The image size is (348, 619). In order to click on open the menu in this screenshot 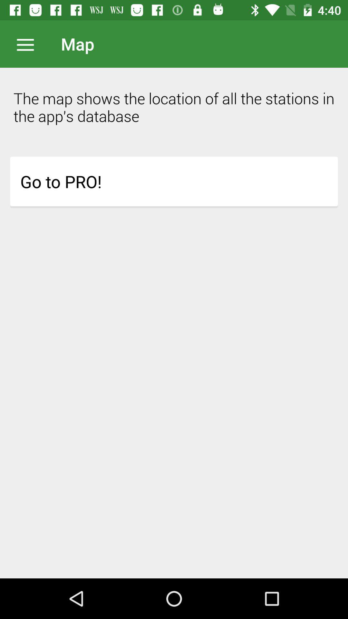, I will do `click(28, 44)`.